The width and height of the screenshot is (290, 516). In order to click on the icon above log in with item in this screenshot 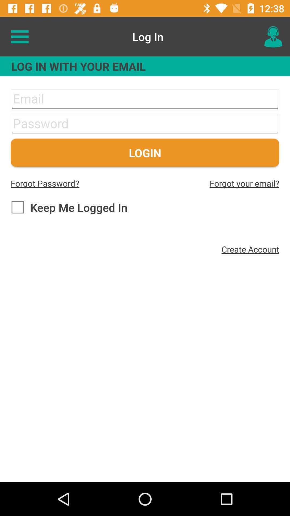, I will do `click(19, 36)`.